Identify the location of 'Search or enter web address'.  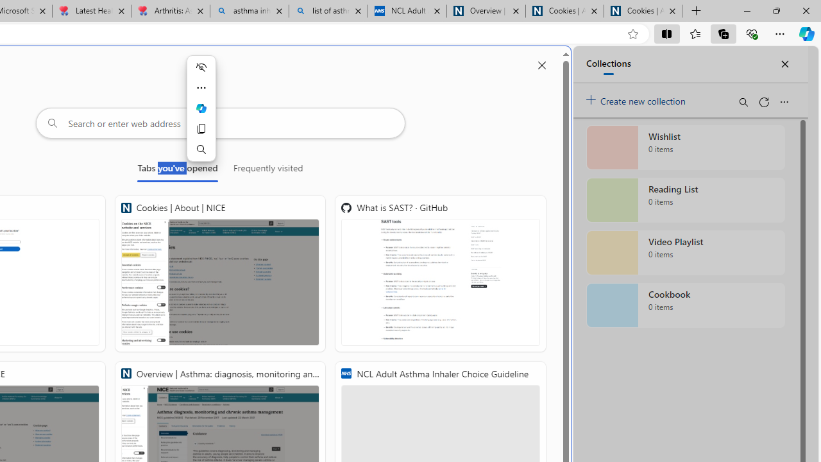
(220, 123).